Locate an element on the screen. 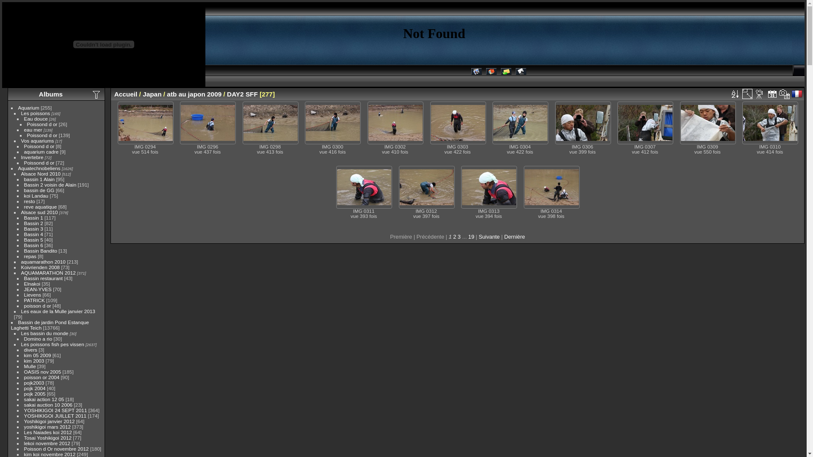 This screenshot has width=813, height=457. 'YOSHIKIGOI 24 SEPT 2011' is located at coordinates (55, 410).